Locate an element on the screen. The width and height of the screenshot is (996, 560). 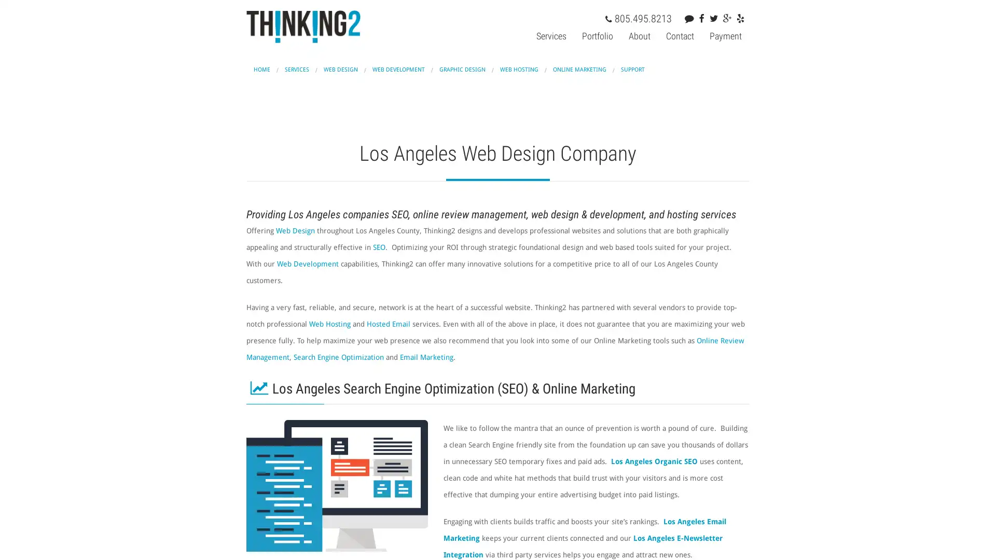
Contact is located at coordinates (680, 35).